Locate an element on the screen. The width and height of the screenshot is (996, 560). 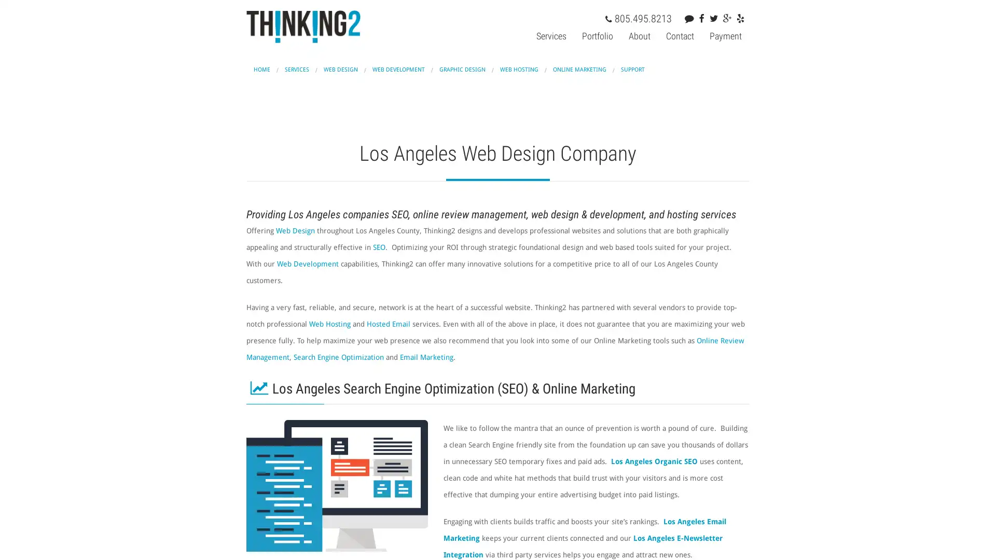
Contact is located at coordinates (680, 35).